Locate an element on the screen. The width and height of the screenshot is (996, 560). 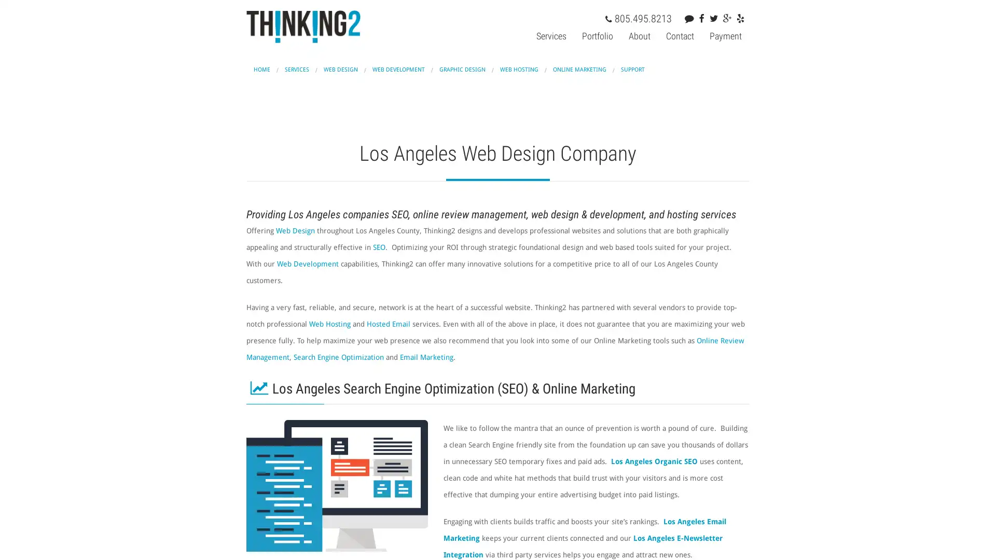
Contact is located at coordinates (680, 35).